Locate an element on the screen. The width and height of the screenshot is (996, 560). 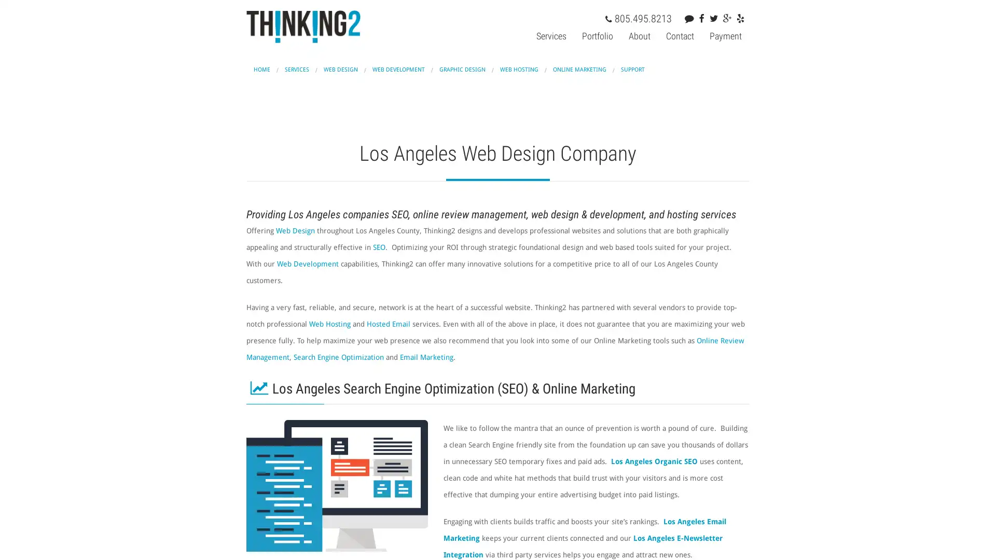
Contact is located at coordinates (680, 35).